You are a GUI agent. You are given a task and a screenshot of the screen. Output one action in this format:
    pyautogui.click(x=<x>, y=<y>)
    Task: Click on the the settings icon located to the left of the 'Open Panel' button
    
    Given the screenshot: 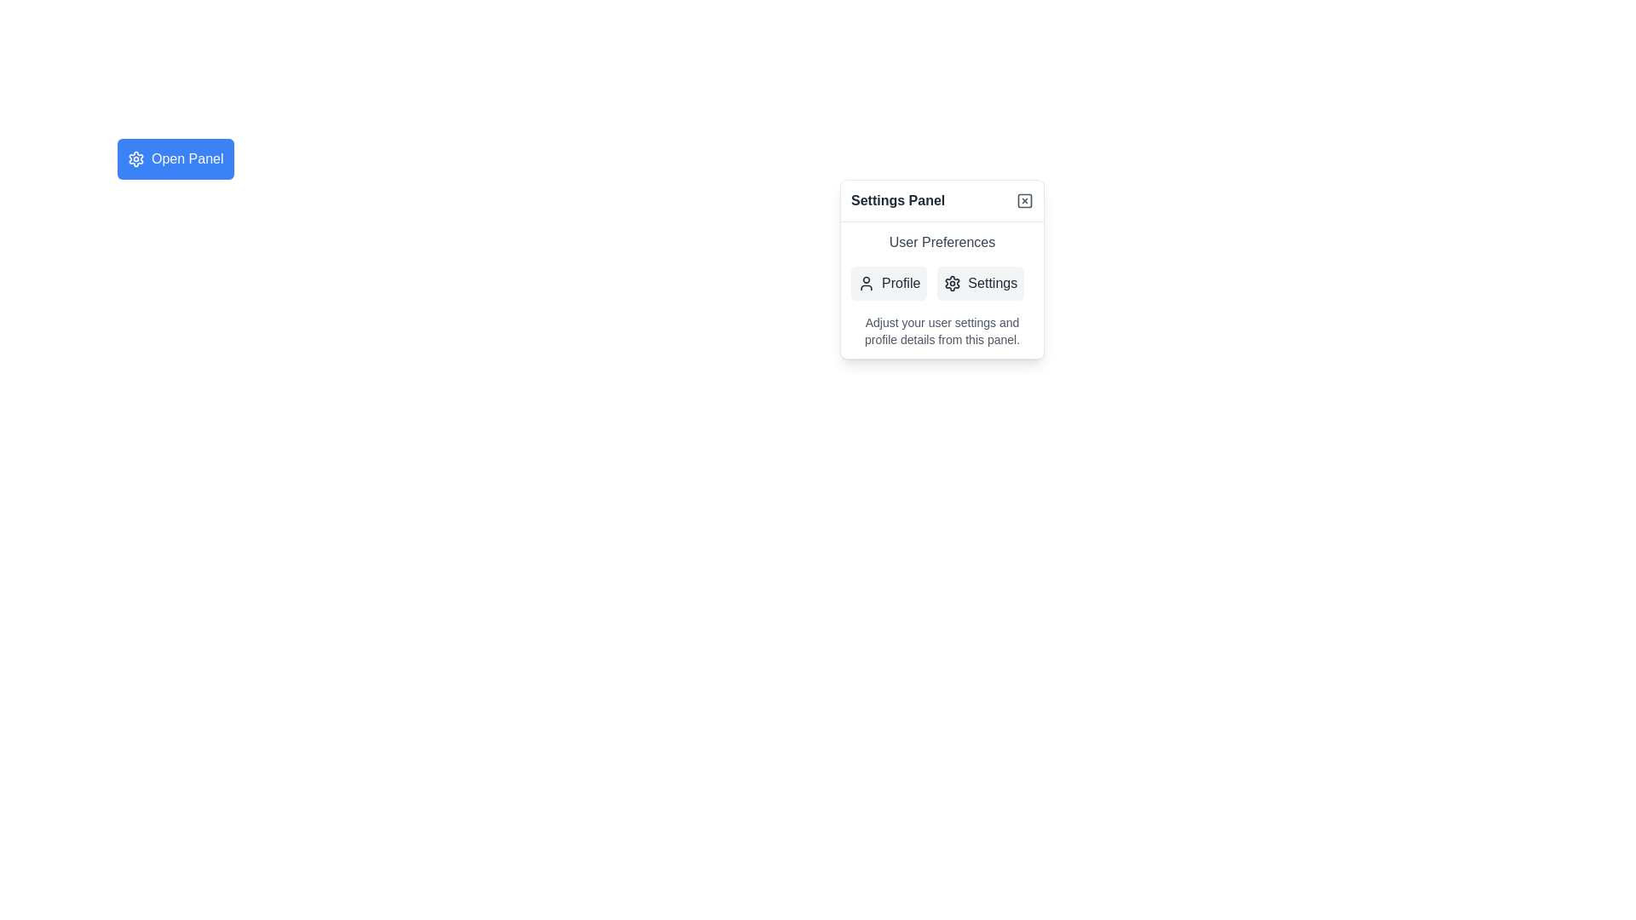 What is the action you would take?
    pyautogui.click(x=135, y=158)
    